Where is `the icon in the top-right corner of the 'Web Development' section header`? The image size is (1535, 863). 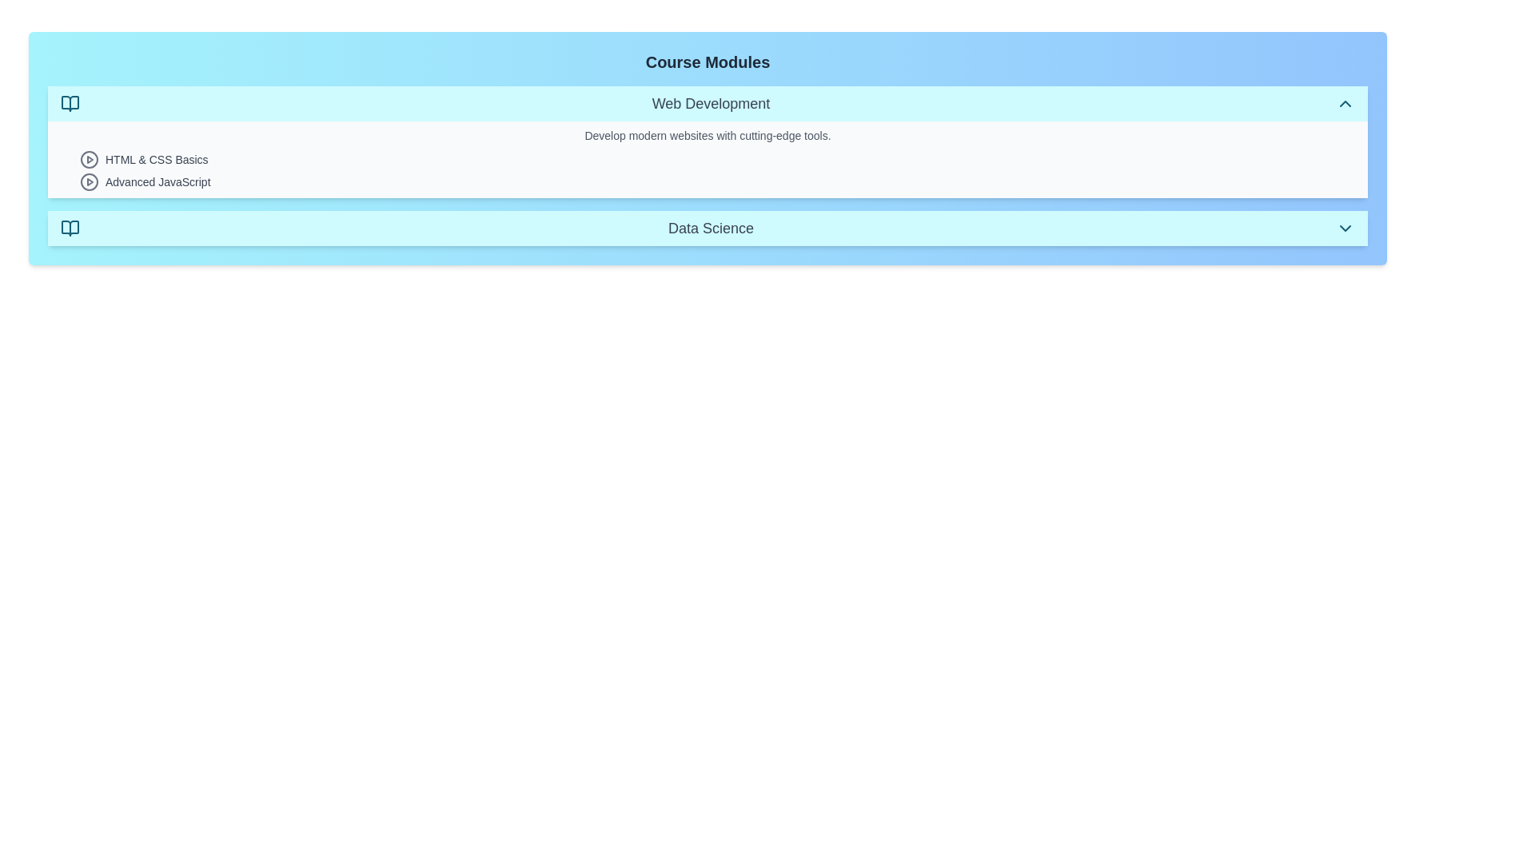 the icon in the top-right corner of the 'Web Development' section header is located at coordinates (1345, 104).